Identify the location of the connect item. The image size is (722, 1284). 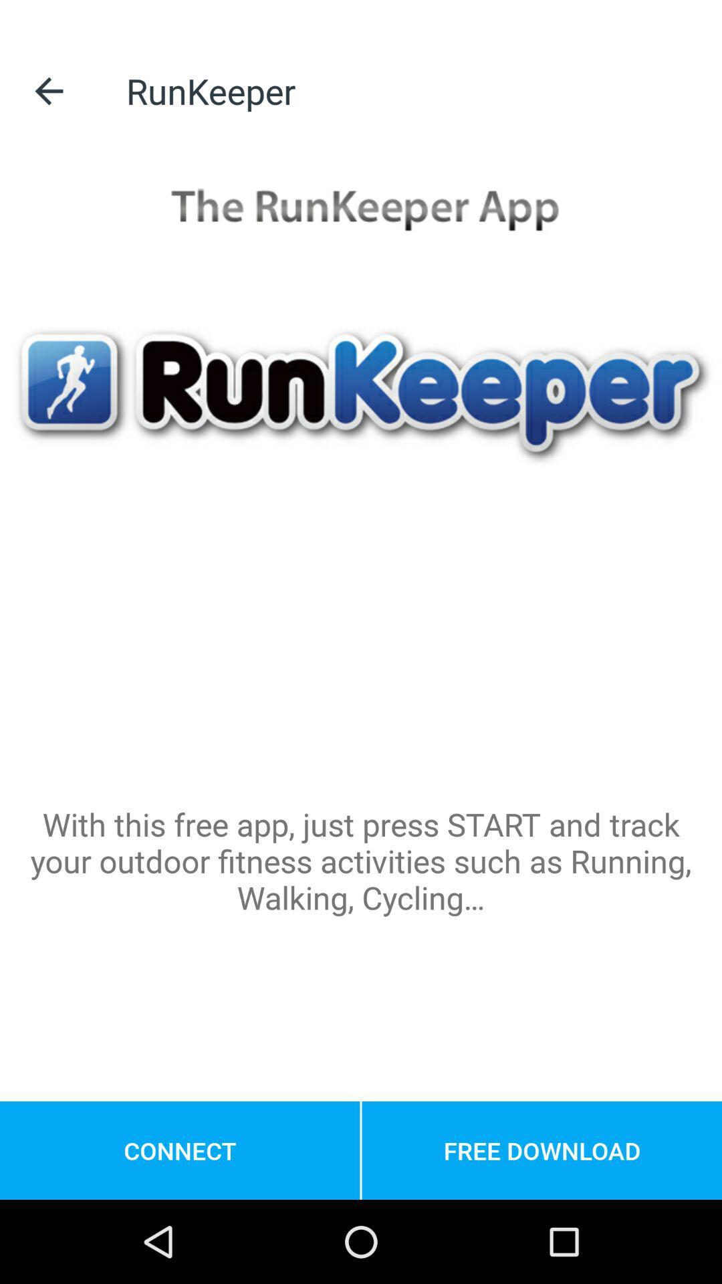
(179, 1150).